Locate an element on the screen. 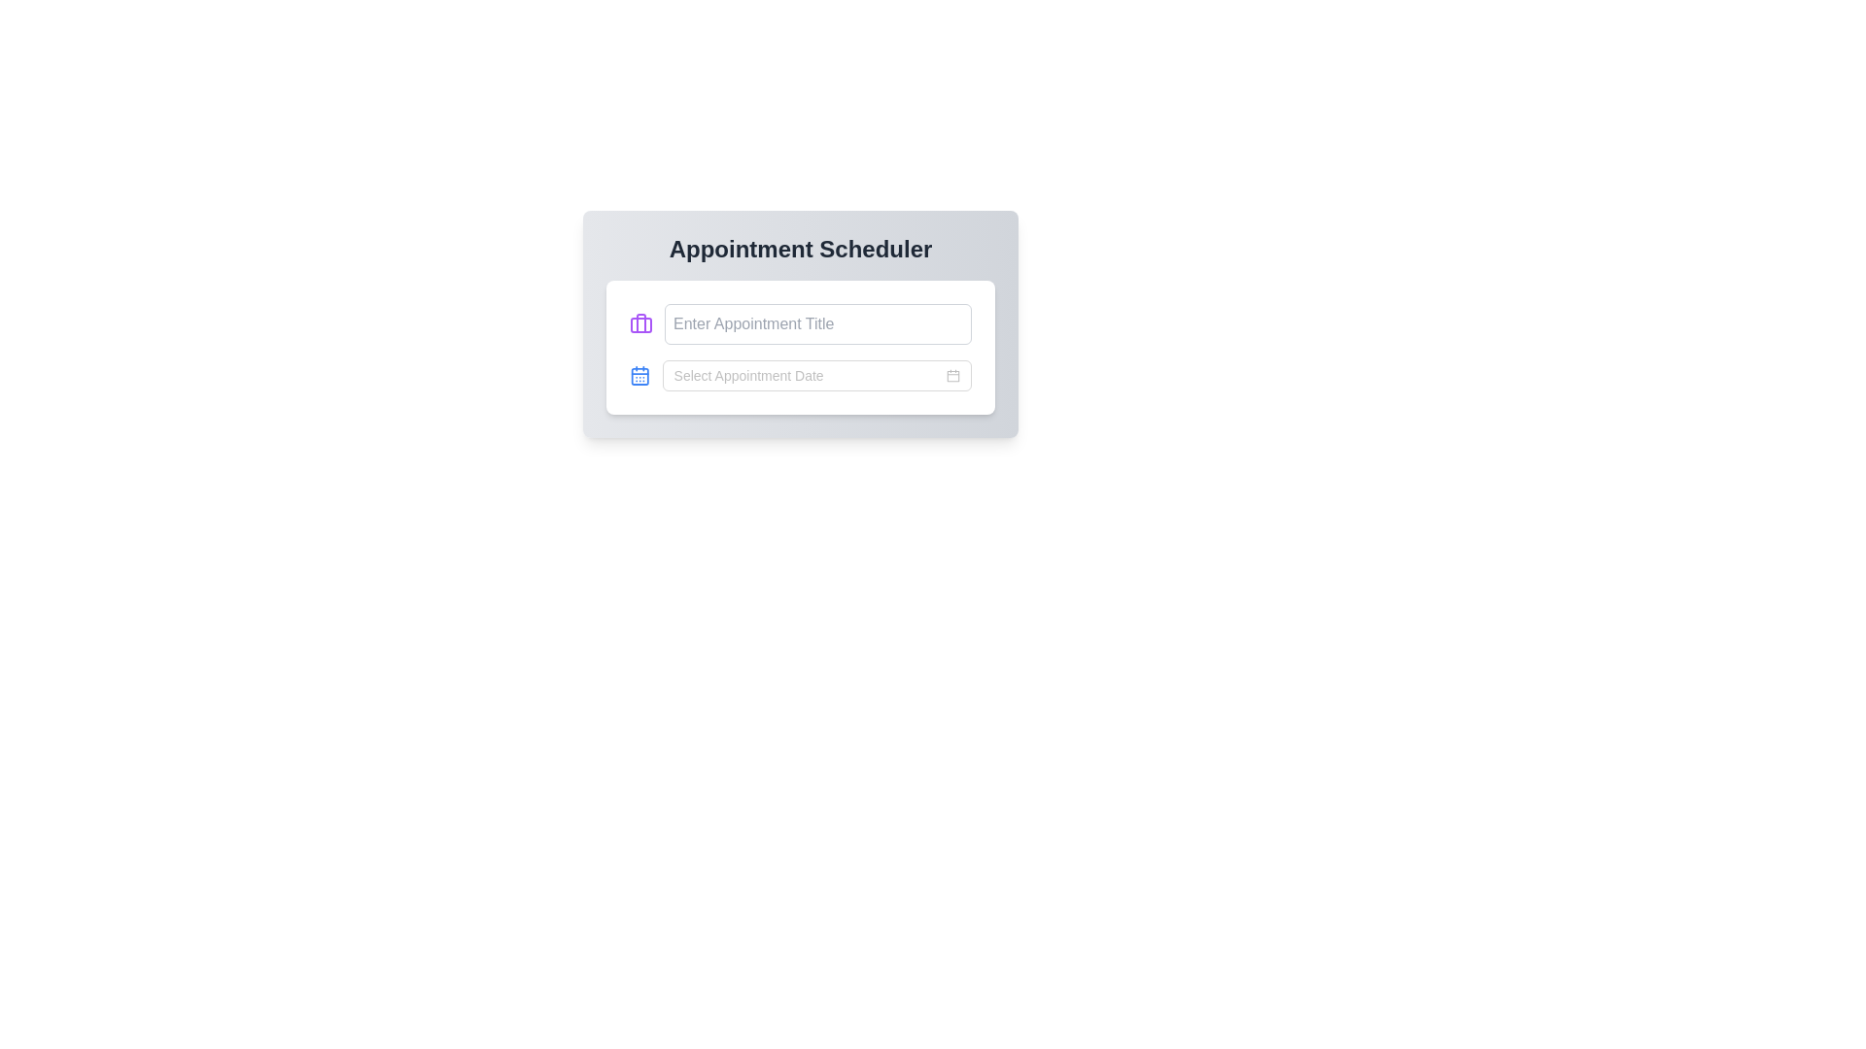 Image resolution: width=1866 pixels, height=1049 pixels. the date input field for appointment selection located below the 'Enter Appointment Title' field in the 'Appointment Scheduler' section to focus on it is located at coordinates (808, 375).